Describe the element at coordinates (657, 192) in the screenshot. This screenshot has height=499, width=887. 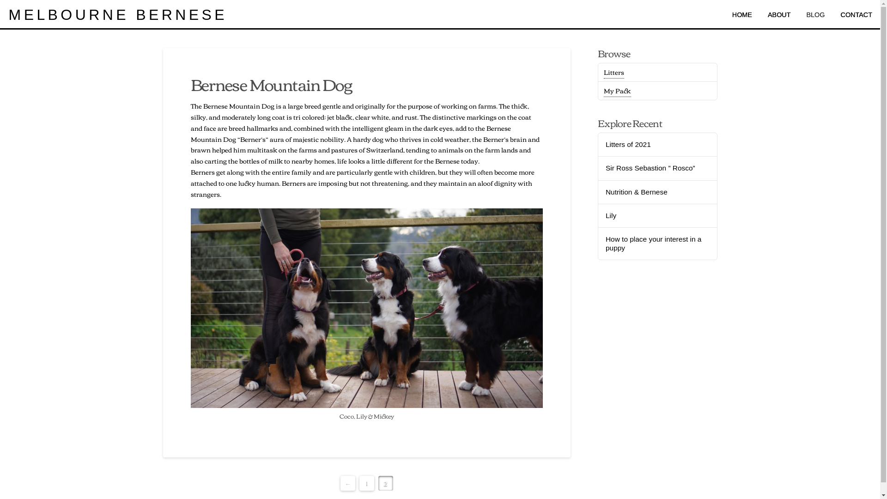
I see `'Nutrition & Bernese'` at that location.